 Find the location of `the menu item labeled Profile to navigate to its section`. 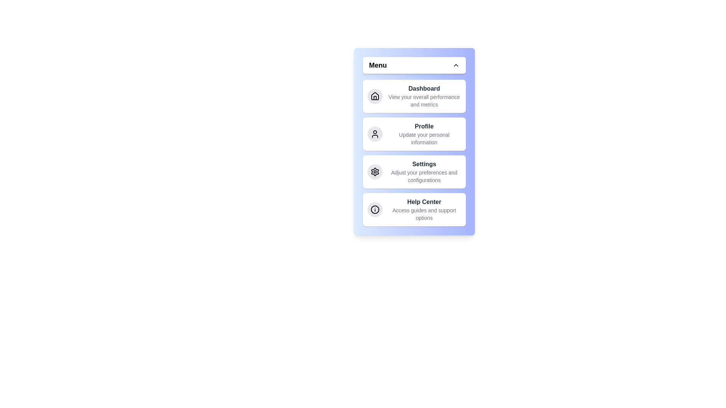

the menu item labeled Profile to navigate to its section is located at coordinates (414, 133).